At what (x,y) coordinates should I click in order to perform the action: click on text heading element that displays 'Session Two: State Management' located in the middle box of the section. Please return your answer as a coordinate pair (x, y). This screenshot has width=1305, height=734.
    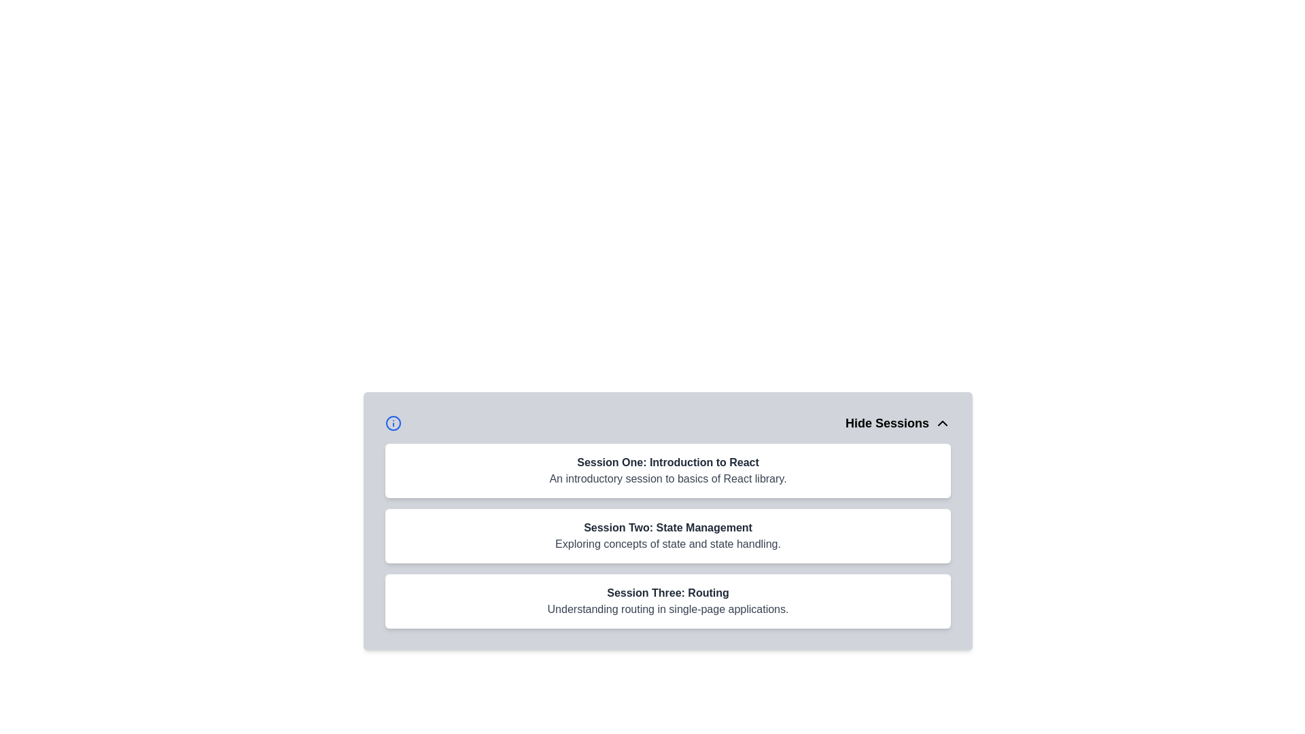
    Looking at the image, I should click on (668, 527).